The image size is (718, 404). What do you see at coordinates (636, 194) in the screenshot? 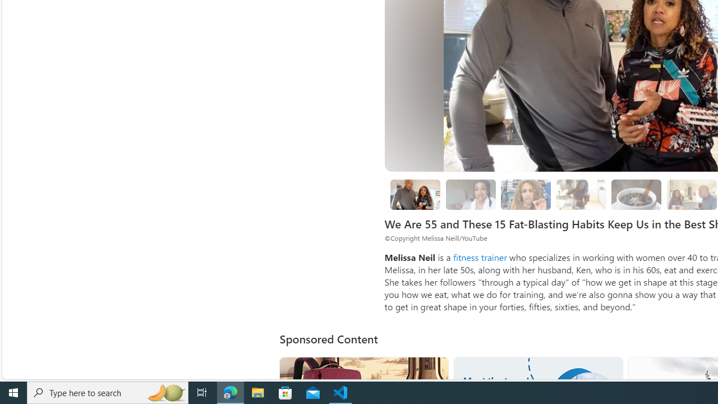
I see `'8 Be Mindful of Coffee'` at bounding box center [636, 194].